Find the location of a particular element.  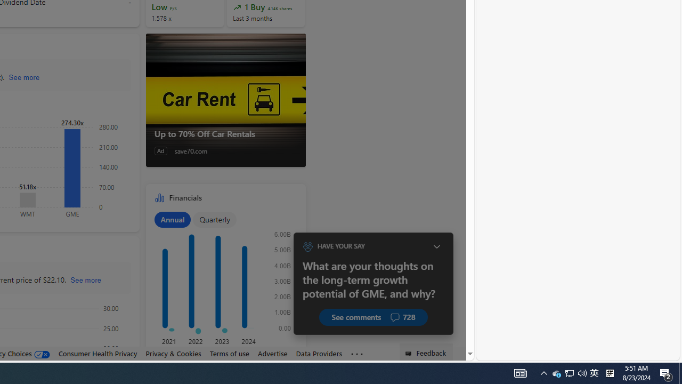

'Up to 70% Off Car Rentals' is located at coordinates (225, 100).